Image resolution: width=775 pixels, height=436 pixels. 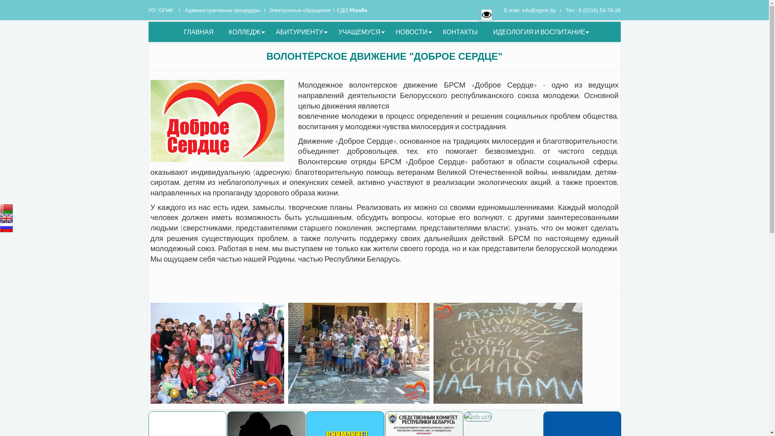 What do you see at coordinates (358, 10) in the screenshot?
I see `'Moodle'` at bounding box center [358, 10].